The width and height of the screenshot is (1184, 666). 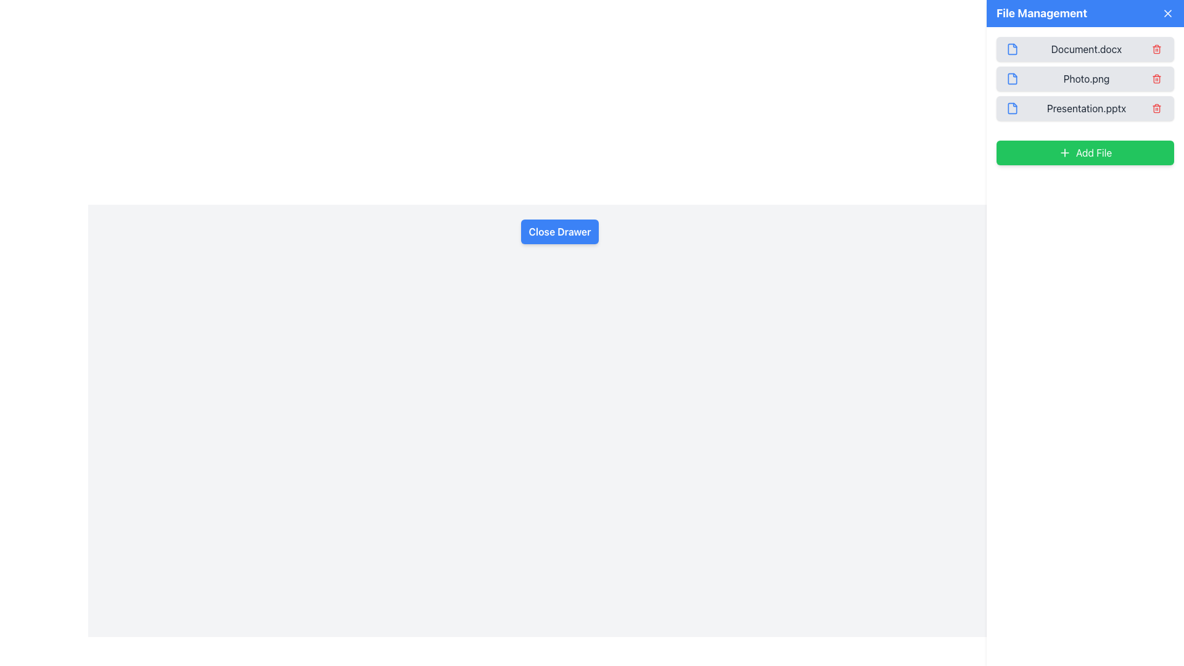 What do you see at coordinates (1156, 49) in the screenshot?
I see `the delete button located at the far right of the row for 'Document.docx' in the 'File Management' section` at bounding box center [1156, 49].